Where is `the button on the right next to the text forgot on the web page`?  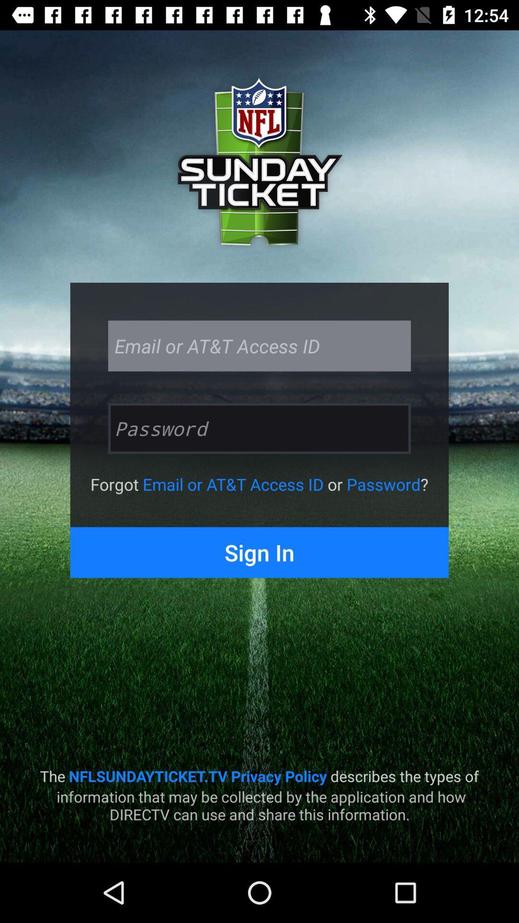 the button on the right next to the text forgot on the web page is located at coordinates (233, 484).